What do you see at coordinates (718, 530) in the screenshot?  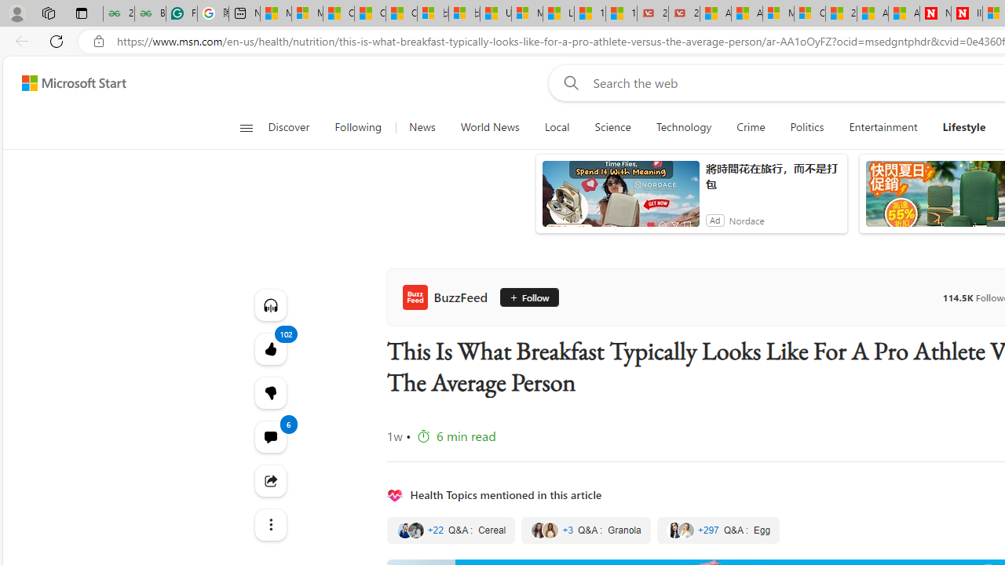 I see `'Egg'` at bounding box center [718, 530].